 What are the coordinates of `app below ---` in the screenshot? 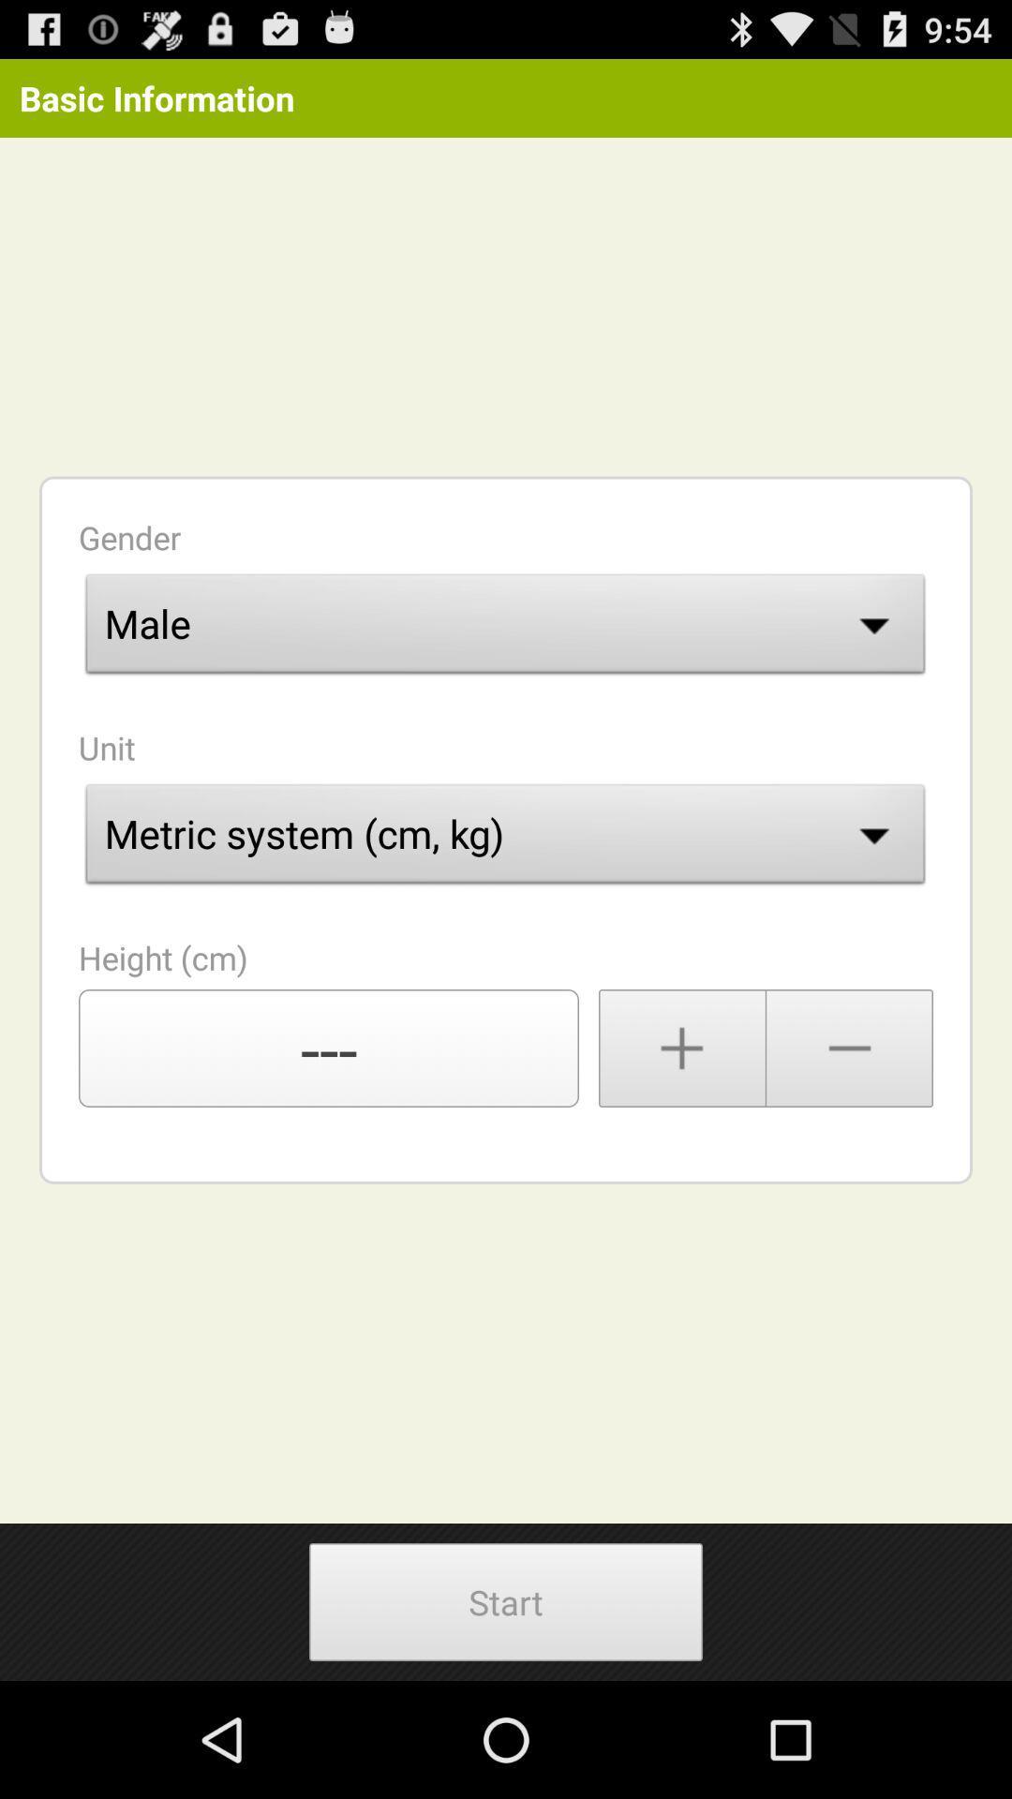 It's located at (506, 1600).